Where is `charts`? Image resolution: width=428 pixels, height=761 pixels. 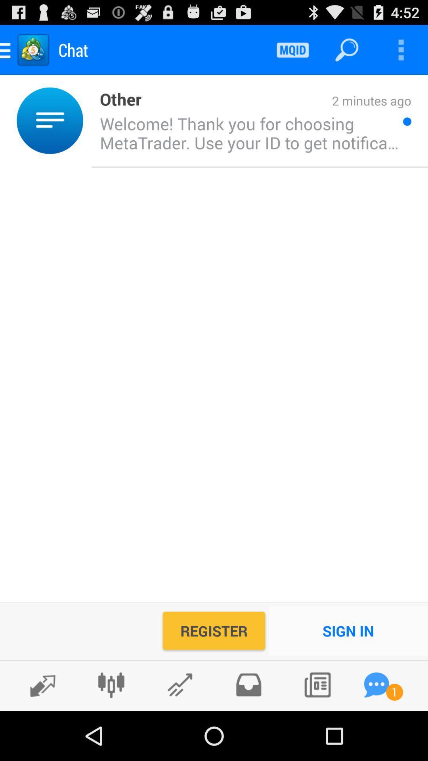 charts is located at coordinates (111, 685).